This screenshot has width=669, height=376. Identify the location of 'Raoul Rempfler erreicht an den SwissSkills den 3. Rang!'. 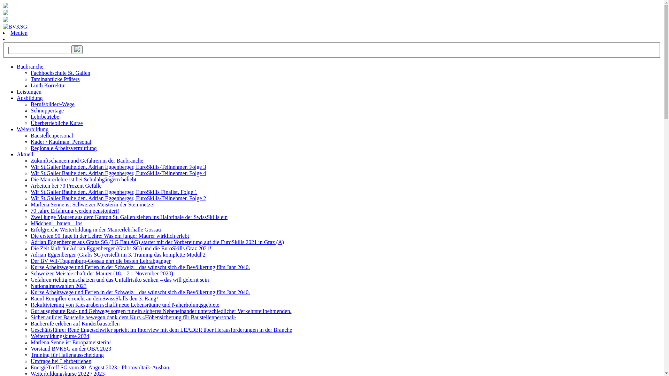
(94, 298).